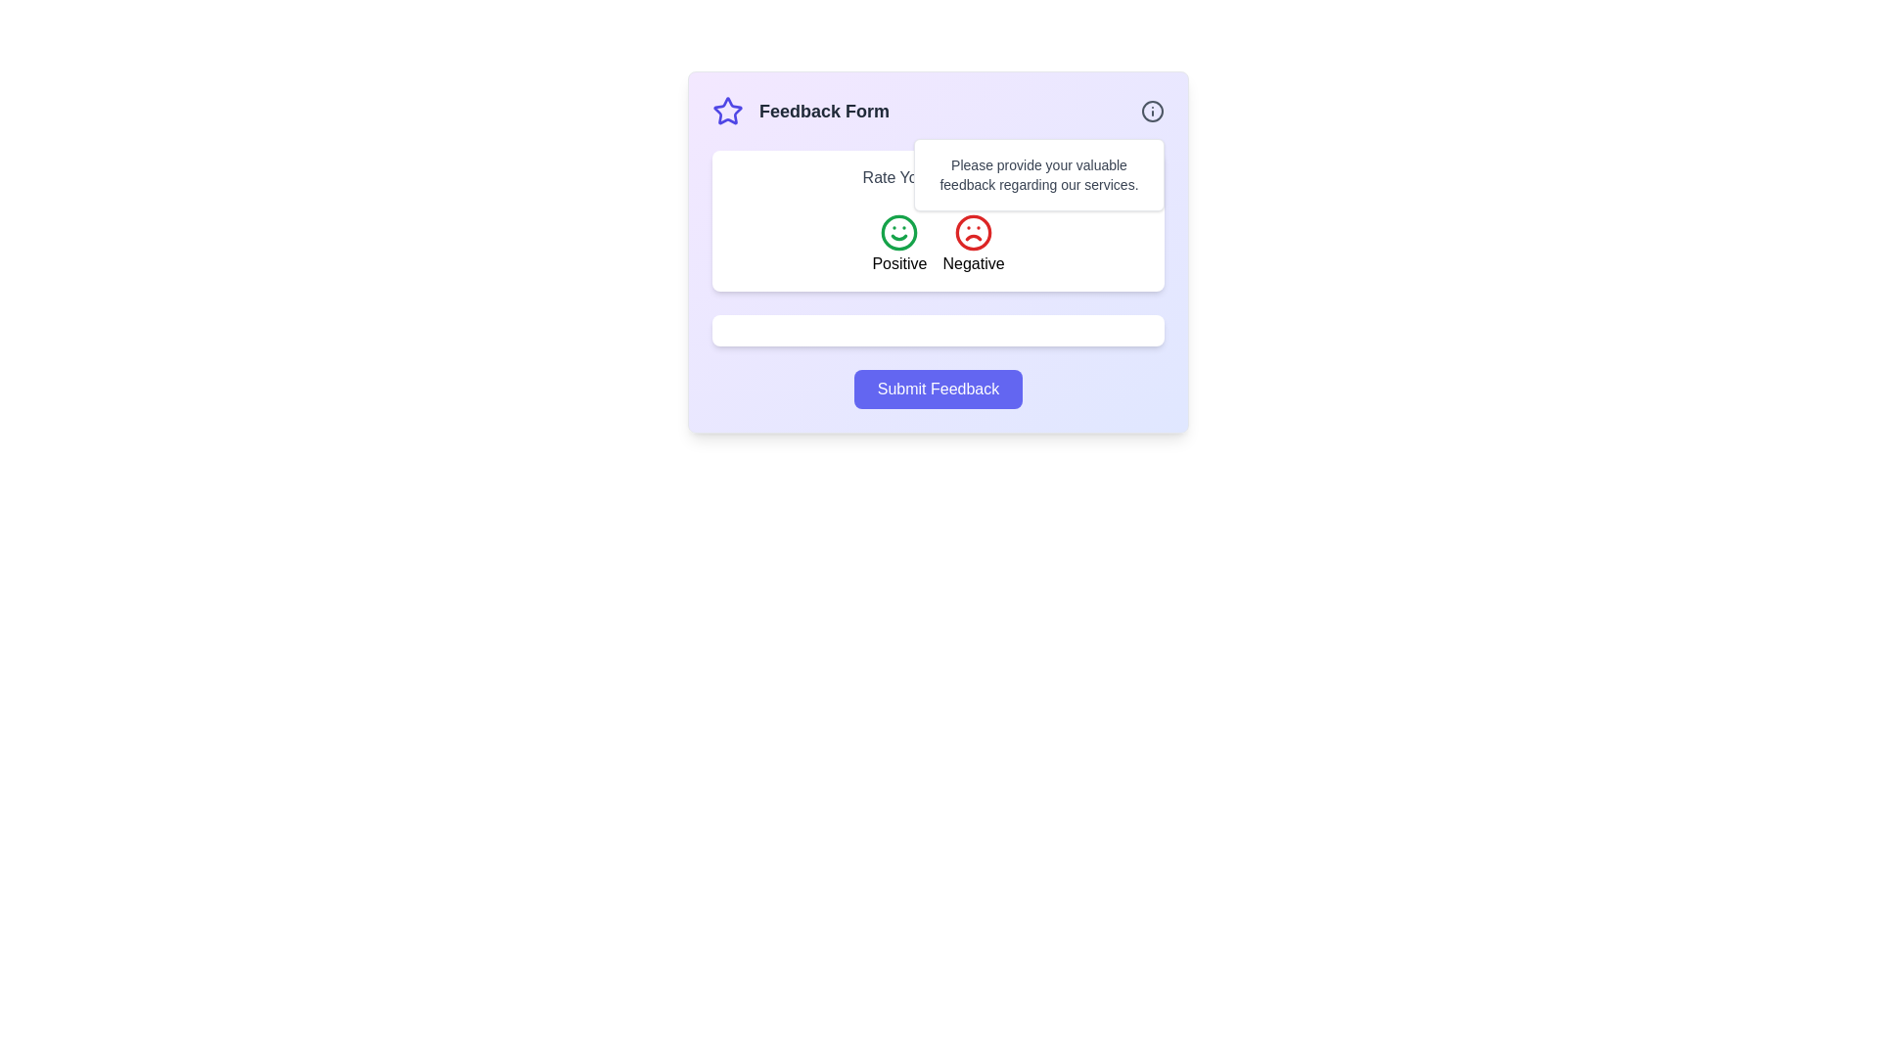 The width and height of the screenshot is (1879, 1057). I want to click on the interactive rating component icons to select a rating by clicking on one of the two available options: 'Positive' or 'Negative', so click(938, 220).